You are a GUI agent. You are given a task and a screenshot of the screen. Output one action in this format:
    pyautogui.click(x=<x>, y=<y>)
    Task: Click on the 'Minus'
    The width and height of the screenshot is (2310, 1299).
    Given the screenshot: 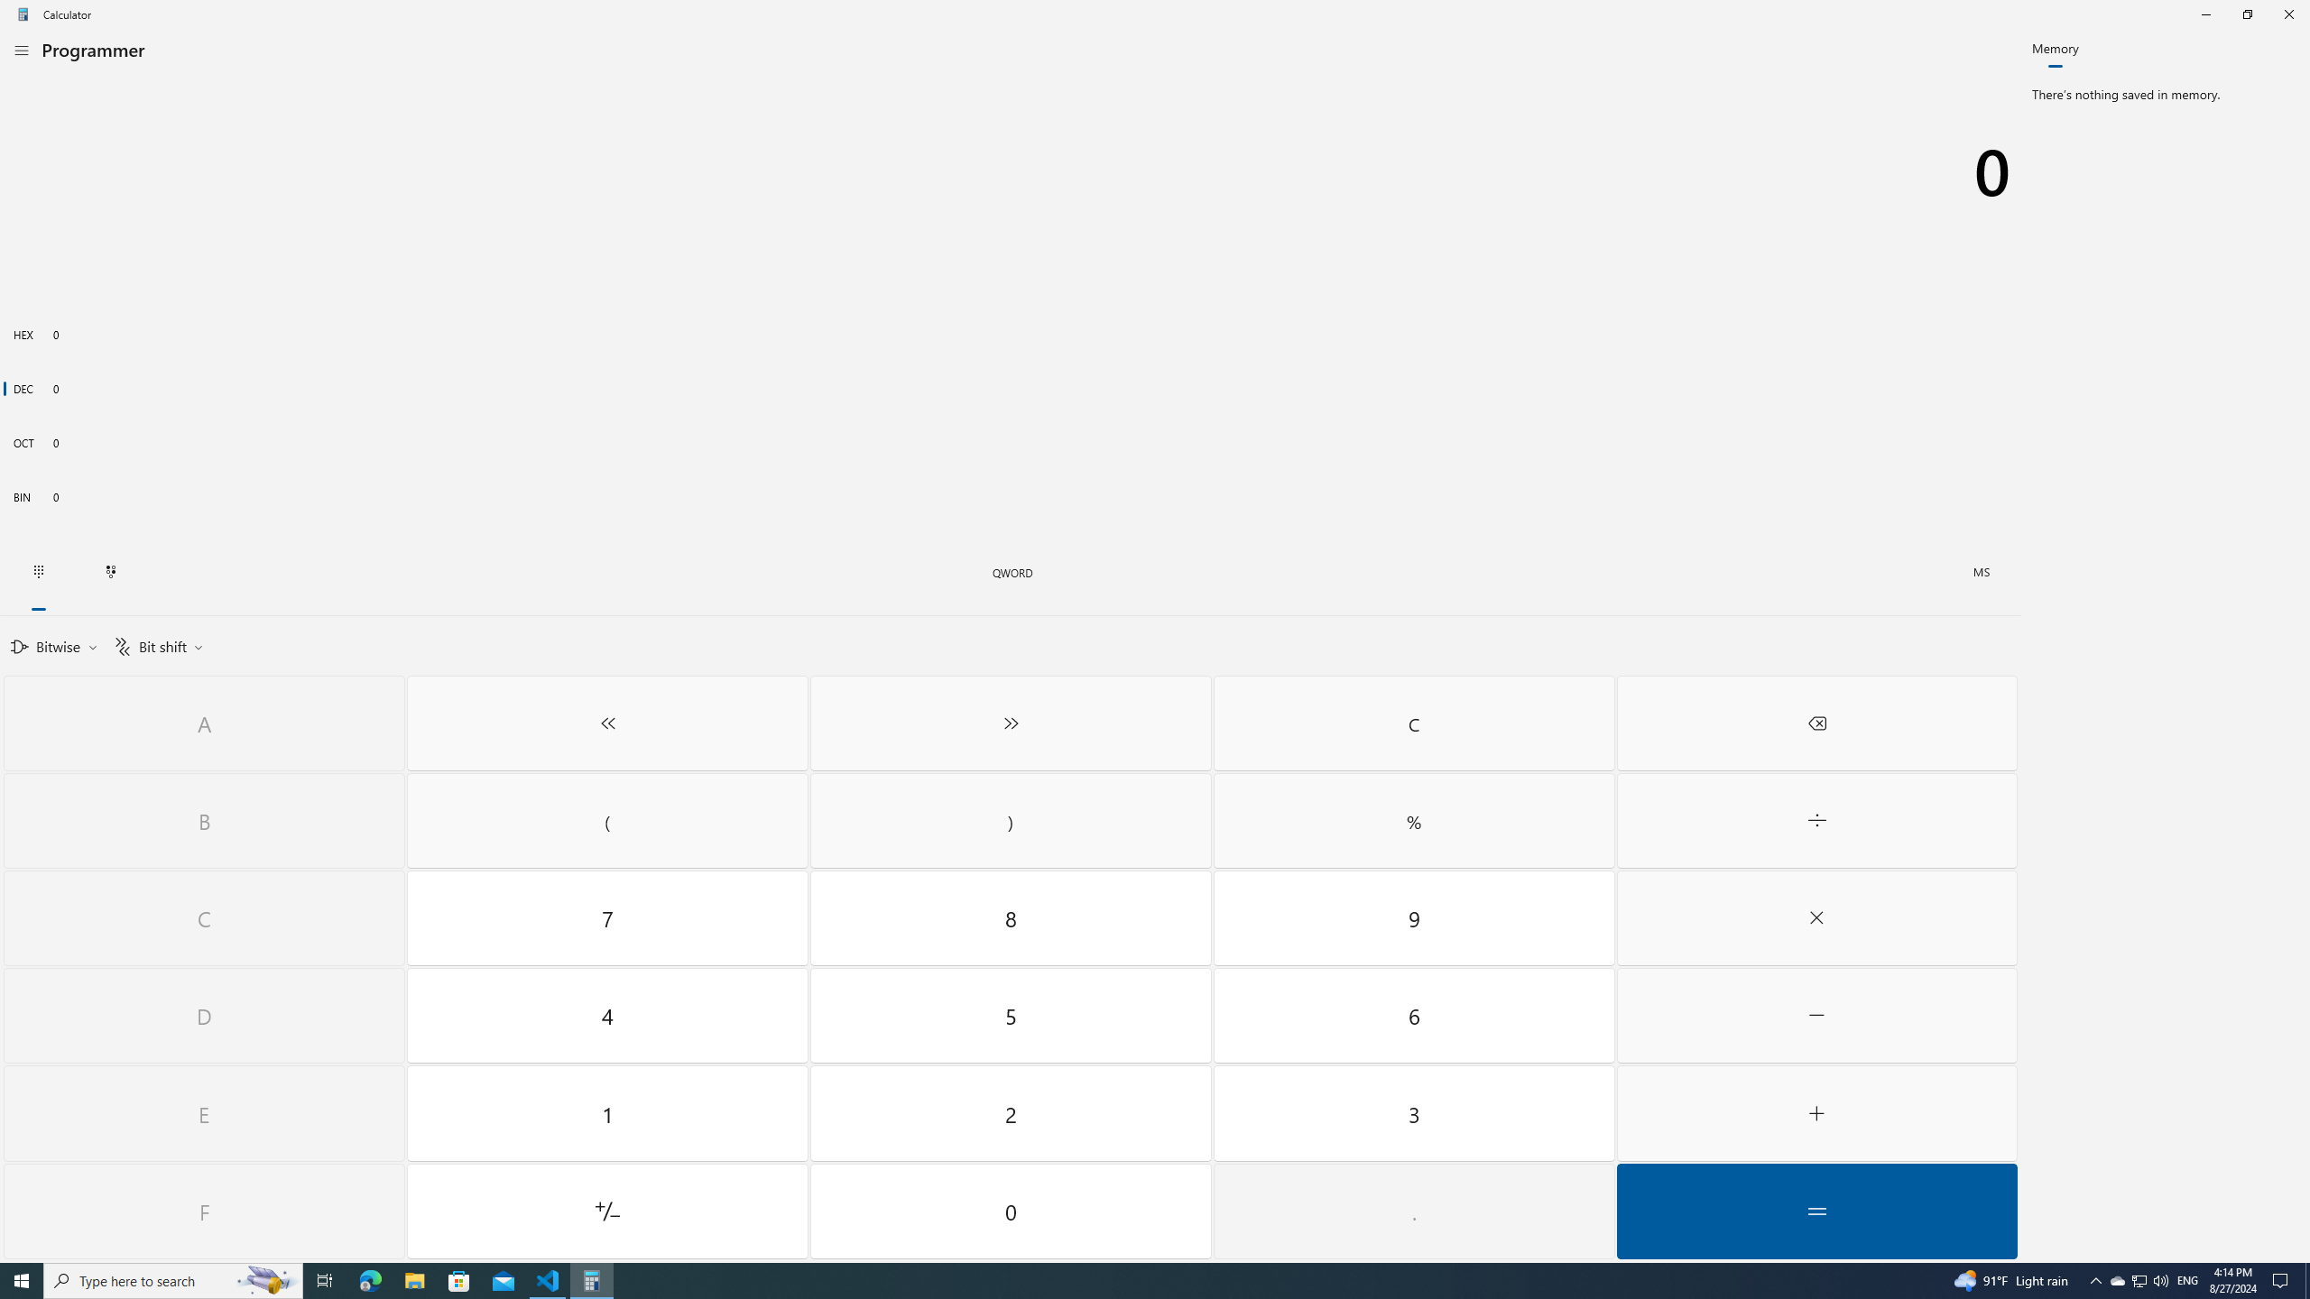 What is the action you would take?
    pyautogui.click(x=1816, y=1015)
    